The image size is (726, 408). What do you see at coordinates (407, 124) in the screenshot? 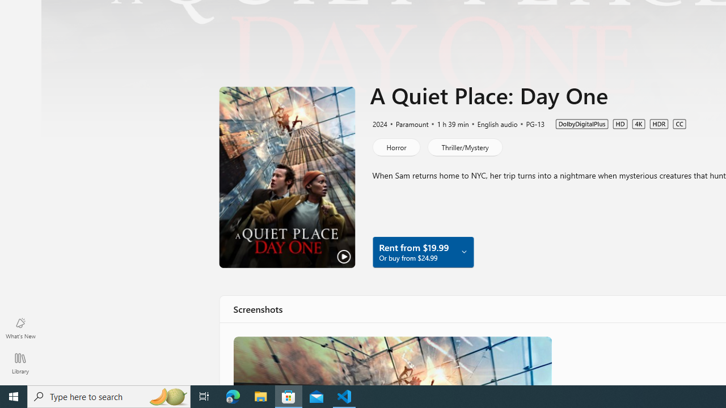
I see `'Paramount'` at bounding box center [407, 124].